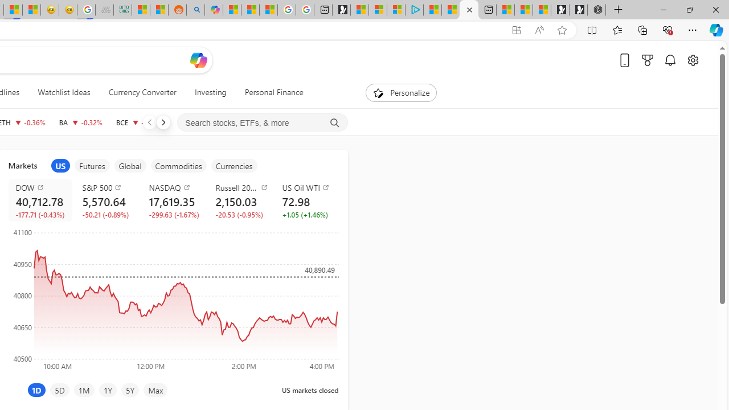  What do you see at coordinates (195, 10) in the screenshot?
I see `'Utah sues federal government - Search'` at bounding box center [195, 10].